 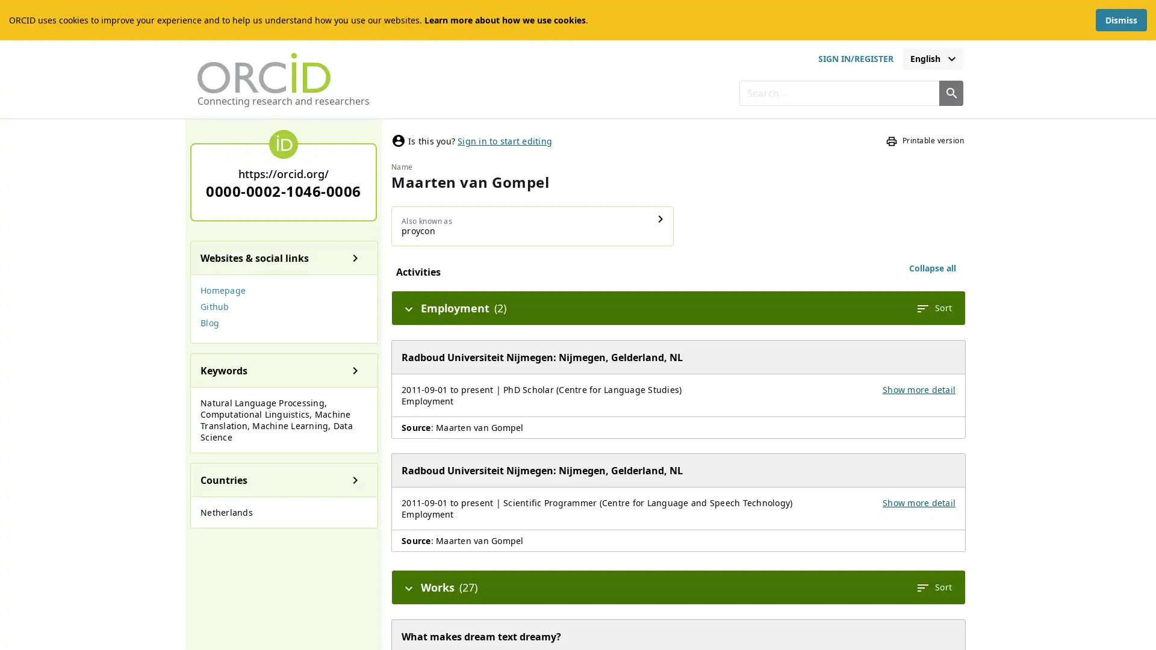 I want to click on Show details, so click(x=355, y=257).